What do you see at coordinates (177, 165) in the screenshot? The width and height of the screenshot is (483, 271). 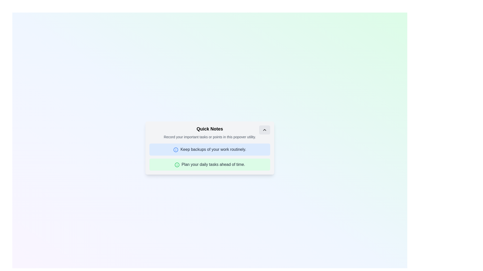 I see `the decorative or informative icon in the second row of the 'Quick Notes' section, adjacent to the text 'Plan your daily tasks ahead of time.'` at bounding box center [177, 165].